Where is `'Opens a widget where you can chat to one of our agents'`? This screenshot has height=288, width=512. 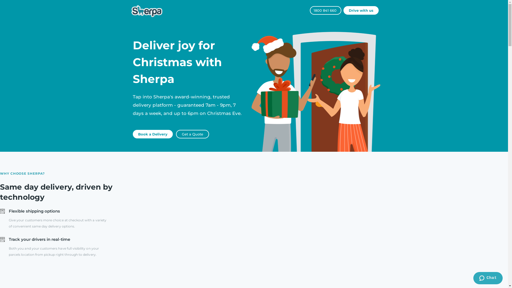
'Opens a widget where you can chat to one of our agents' is located at coordinates (488, 278).